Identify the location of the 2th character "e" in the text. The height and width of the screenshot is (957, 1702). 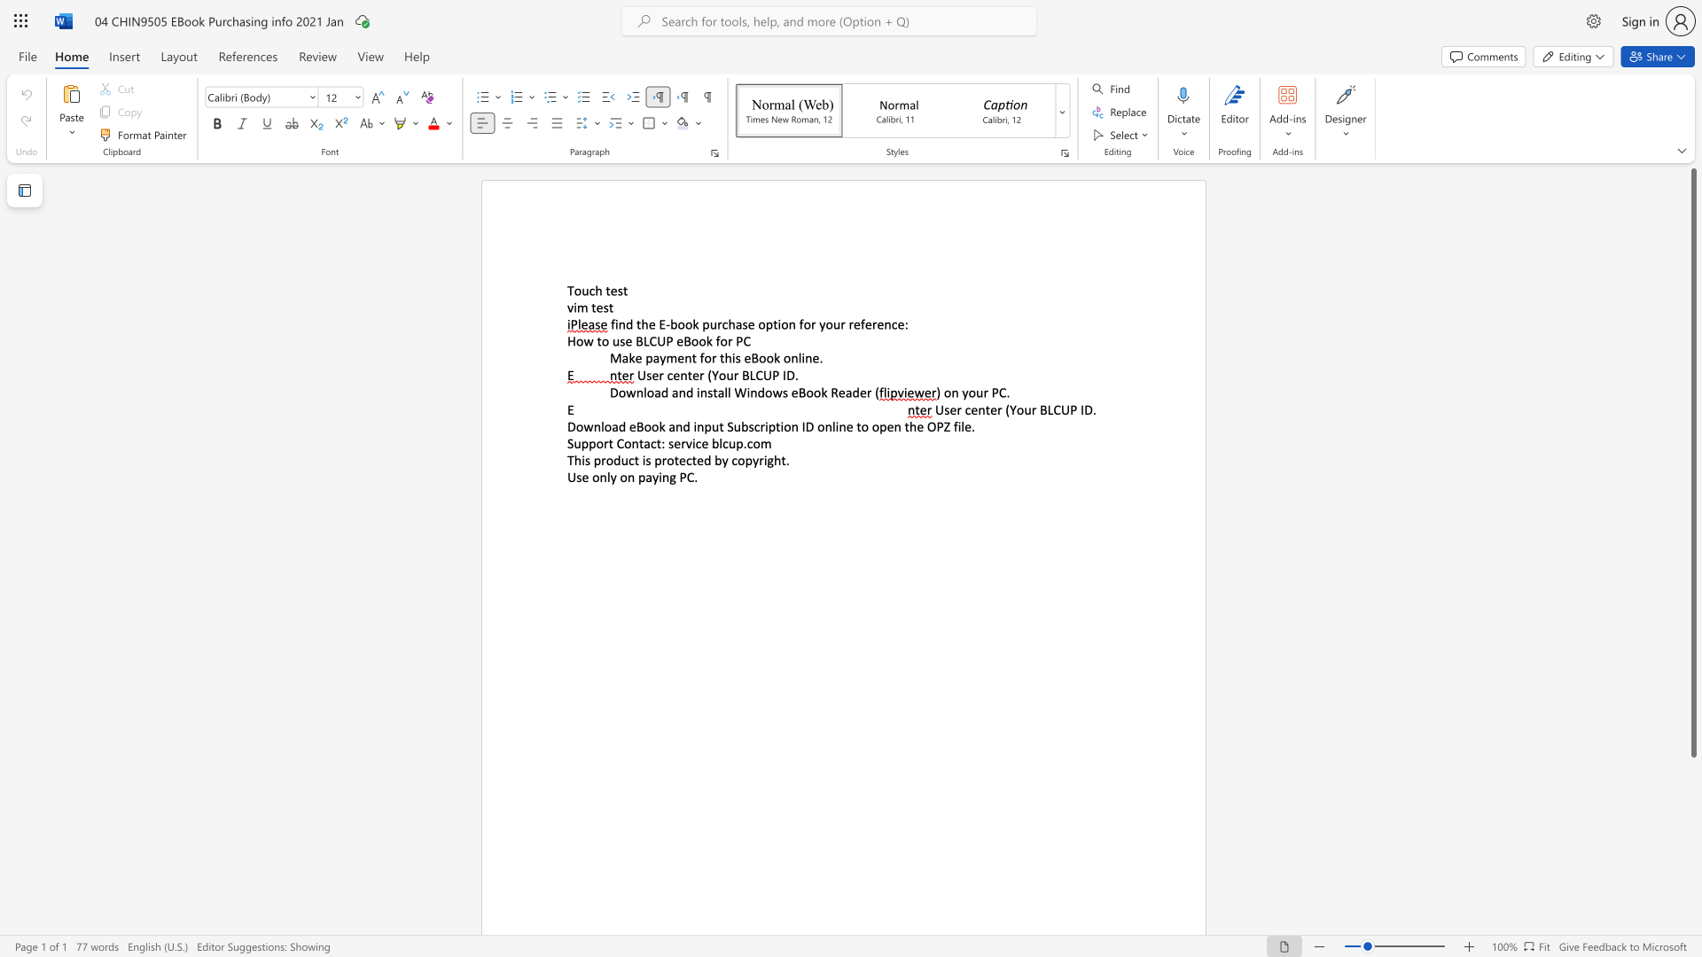
(679, 341).